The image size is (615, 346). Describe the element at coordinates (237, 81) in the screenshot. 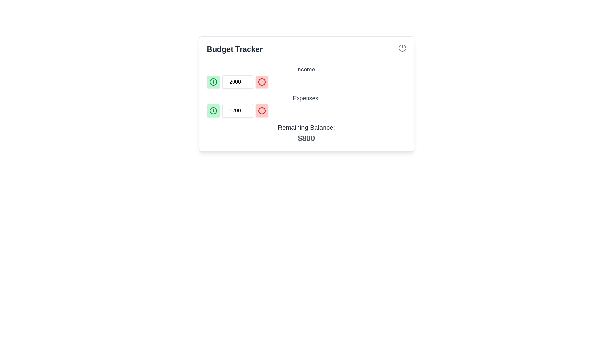

I see `the number input field displaying the value '2000' to focus on it` at that location.